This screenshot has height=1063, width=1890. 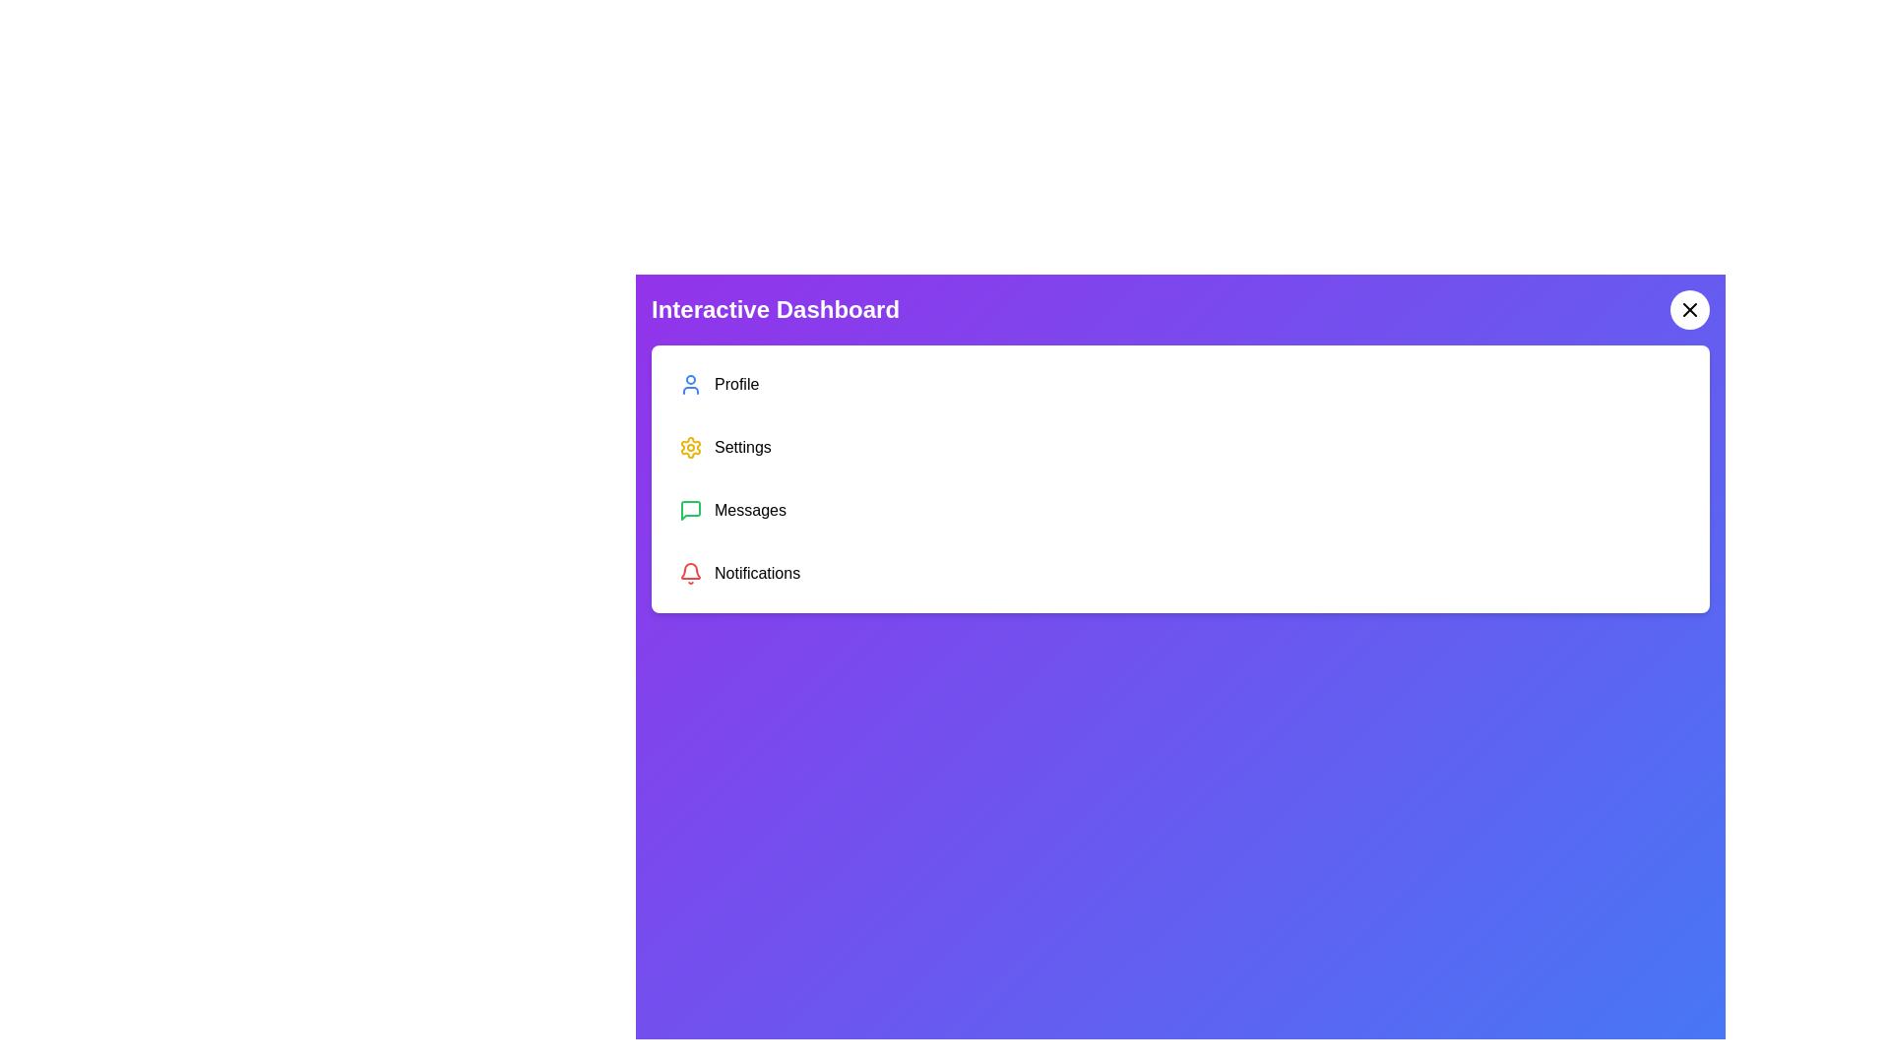 I want to click on the 'Messages' text label, which is the third option in the vertical menu list, aligned to the right of the green chat bubble icon, so click(x=749, y=510).